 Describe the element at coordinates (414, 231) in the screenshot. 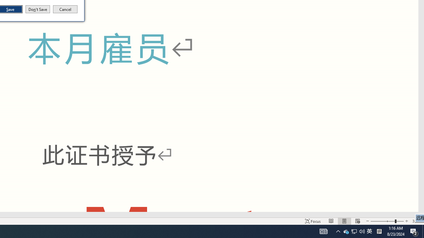

I see `'Action Center, 2 new notifications'` at that location.